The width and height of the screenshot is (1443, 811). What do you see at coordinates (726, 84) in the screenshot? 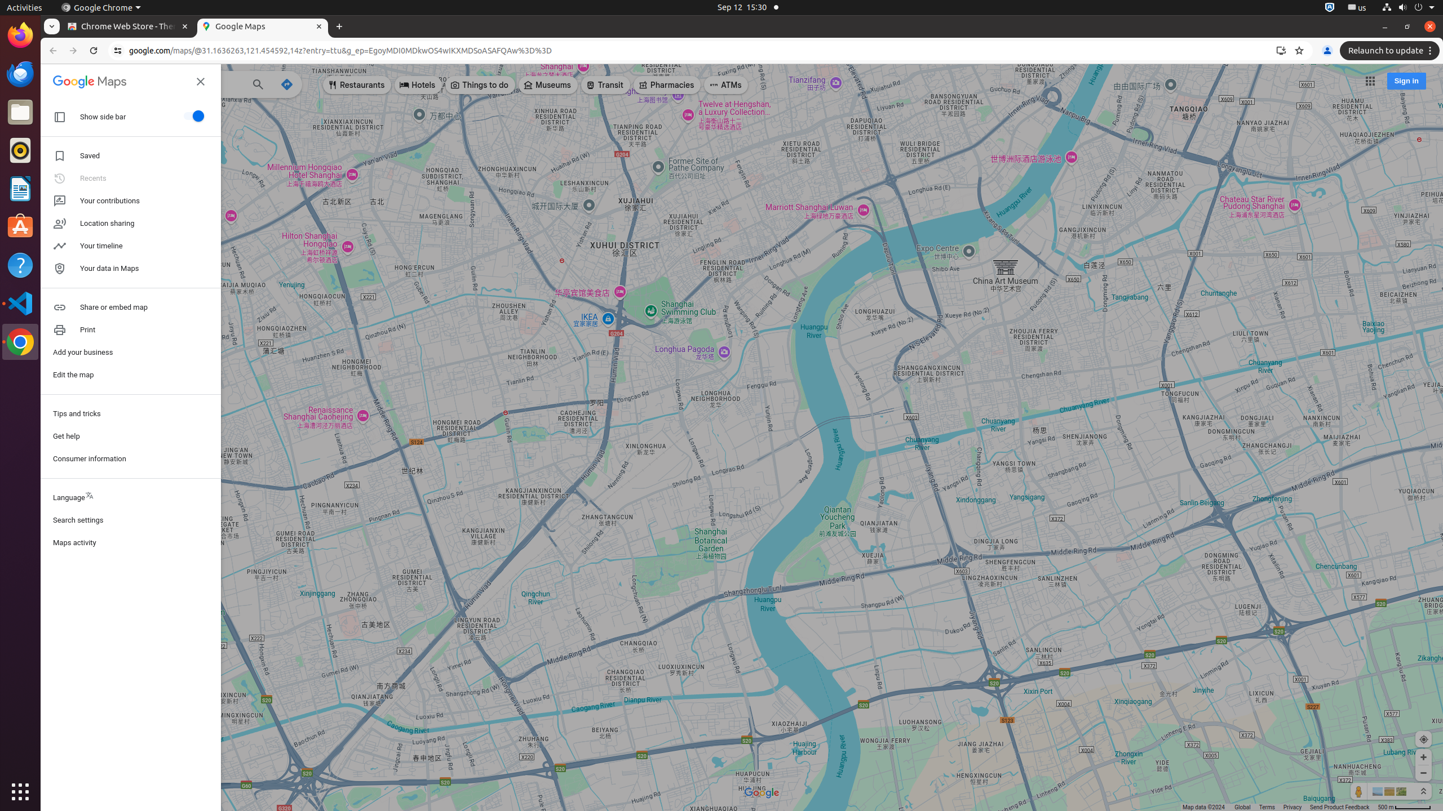
I see `'ATMs'` at bounding box center [726, 84].